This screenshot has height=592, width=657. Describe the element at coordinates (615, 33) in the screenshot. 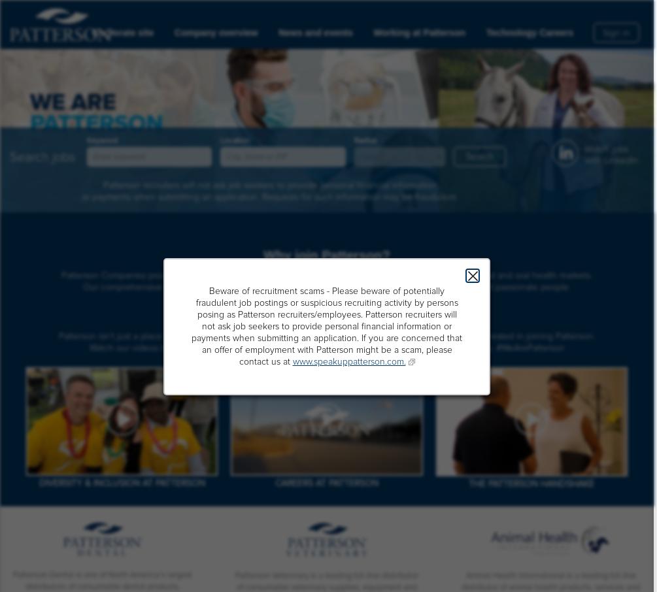

I see `'Sign in'` at that location.